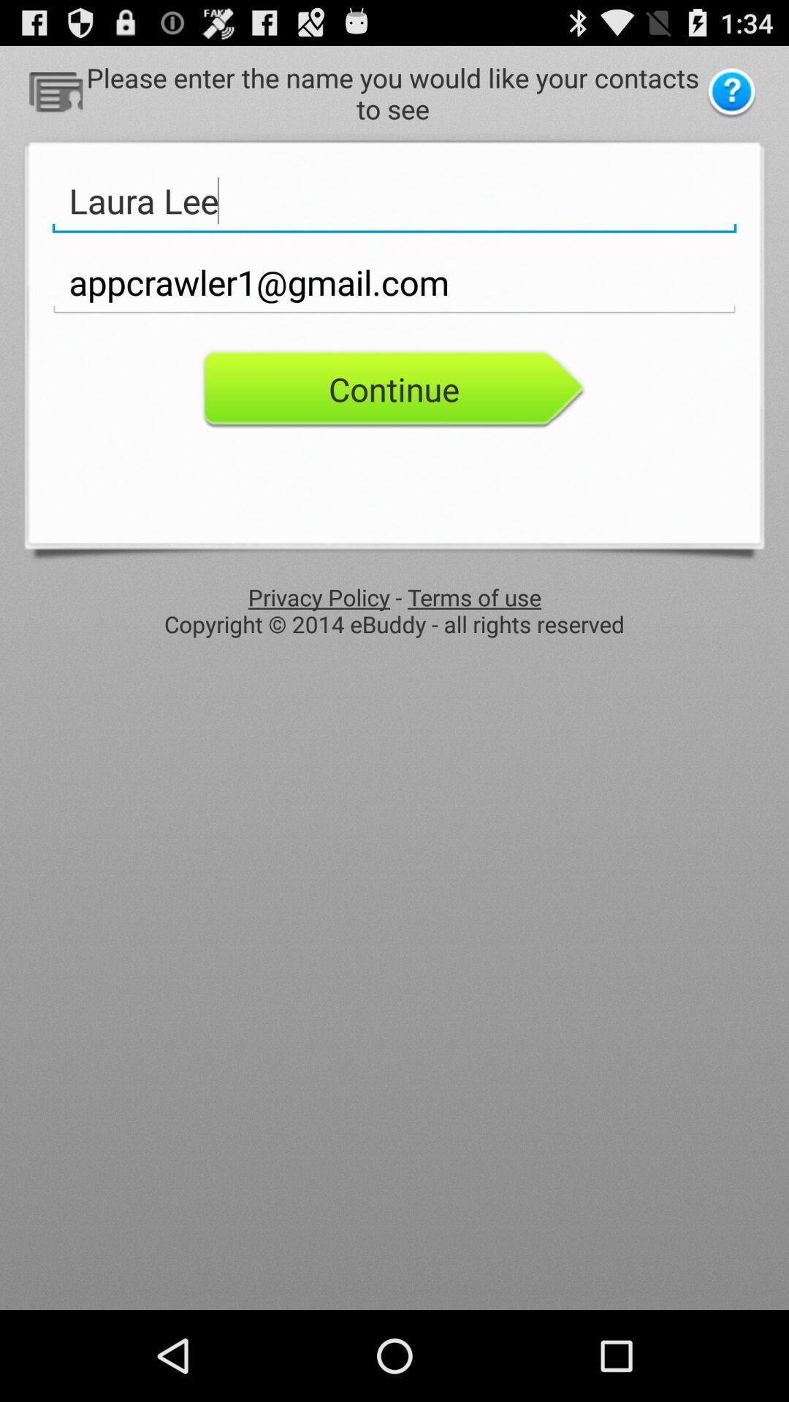 The width and height of the screenshot is (789, 1402). Describe the element at coordinates (731, 92) in the screenshot. I see `more information` at that location.